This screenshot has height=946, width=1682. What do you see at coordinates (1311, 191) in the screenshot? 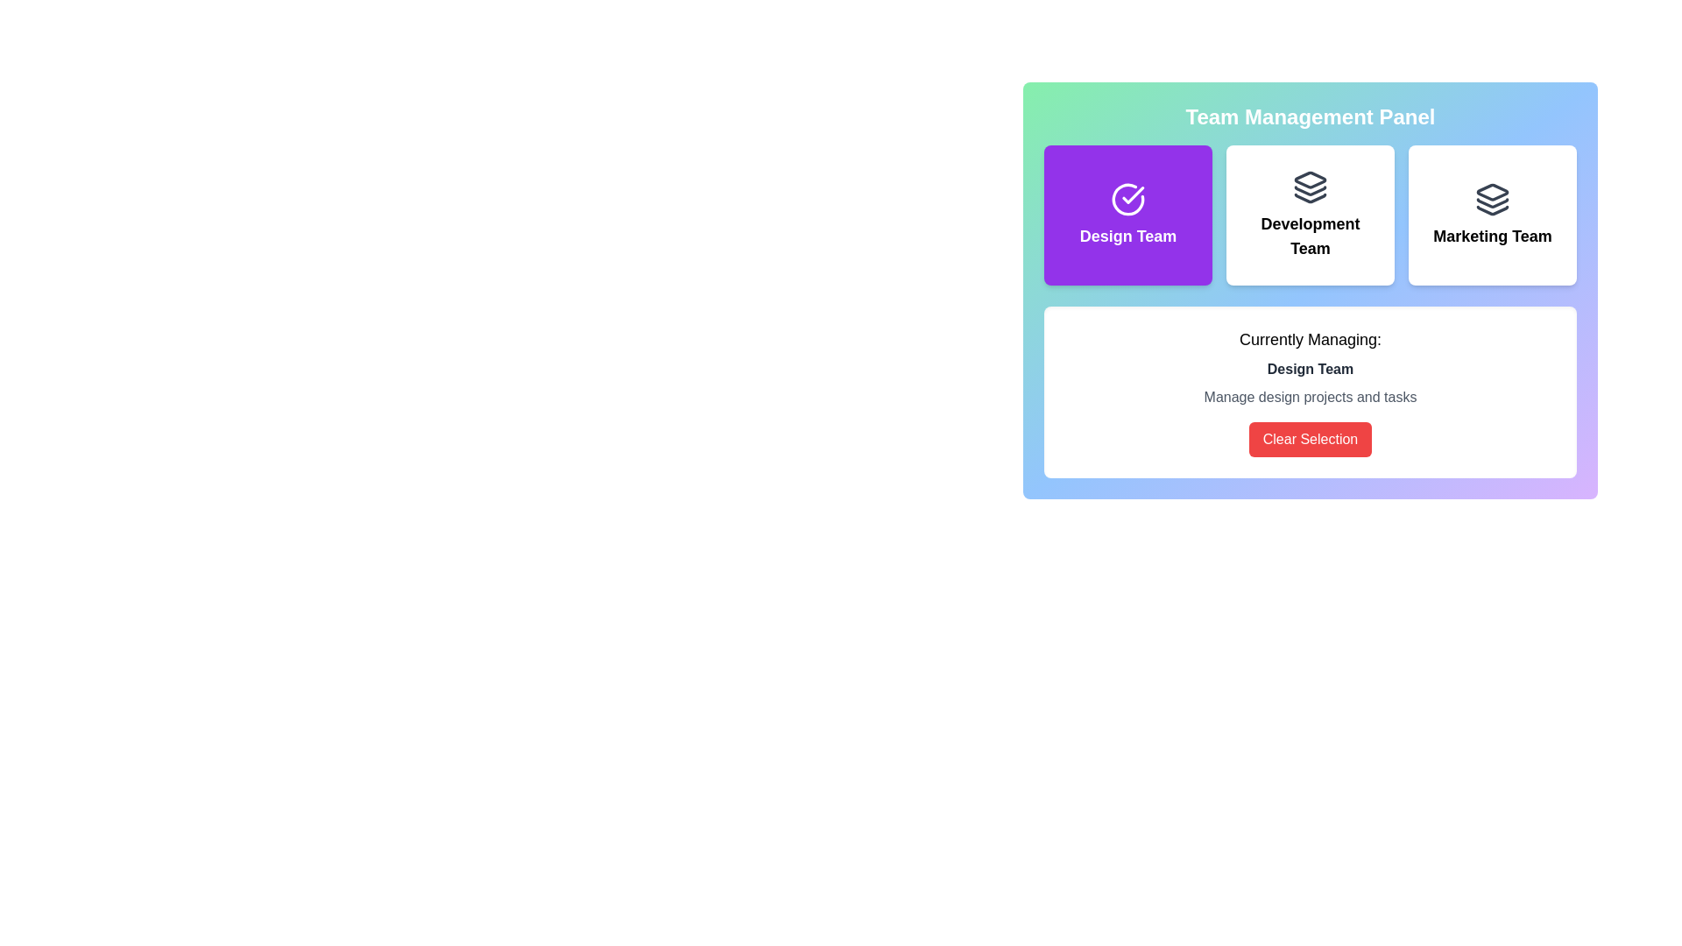
I see `the decorative graphic element in the SVG that represents layers or organization, located in the top-right section of the interface, above the text 'Development Team.'` at bounding box center [1311, 191].